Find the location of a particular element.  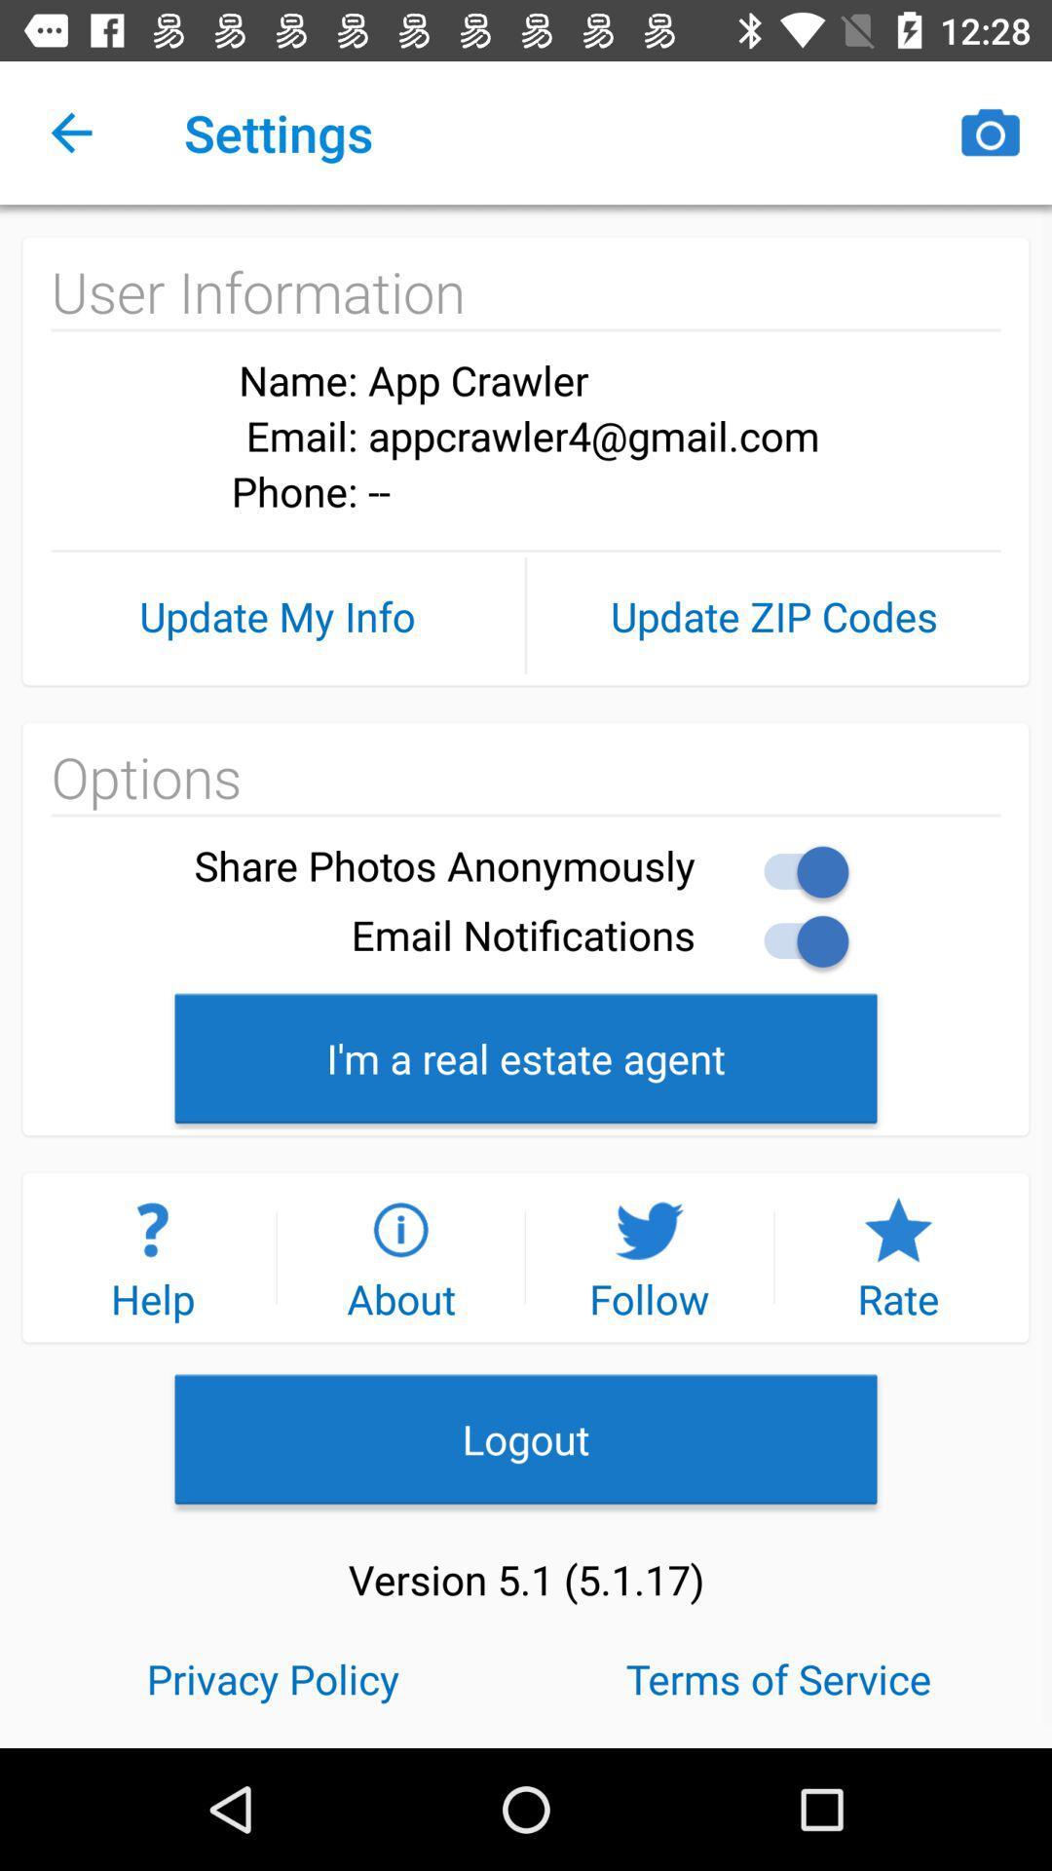

item above the version 5 1 icon is located at coordinates (526, 1438).